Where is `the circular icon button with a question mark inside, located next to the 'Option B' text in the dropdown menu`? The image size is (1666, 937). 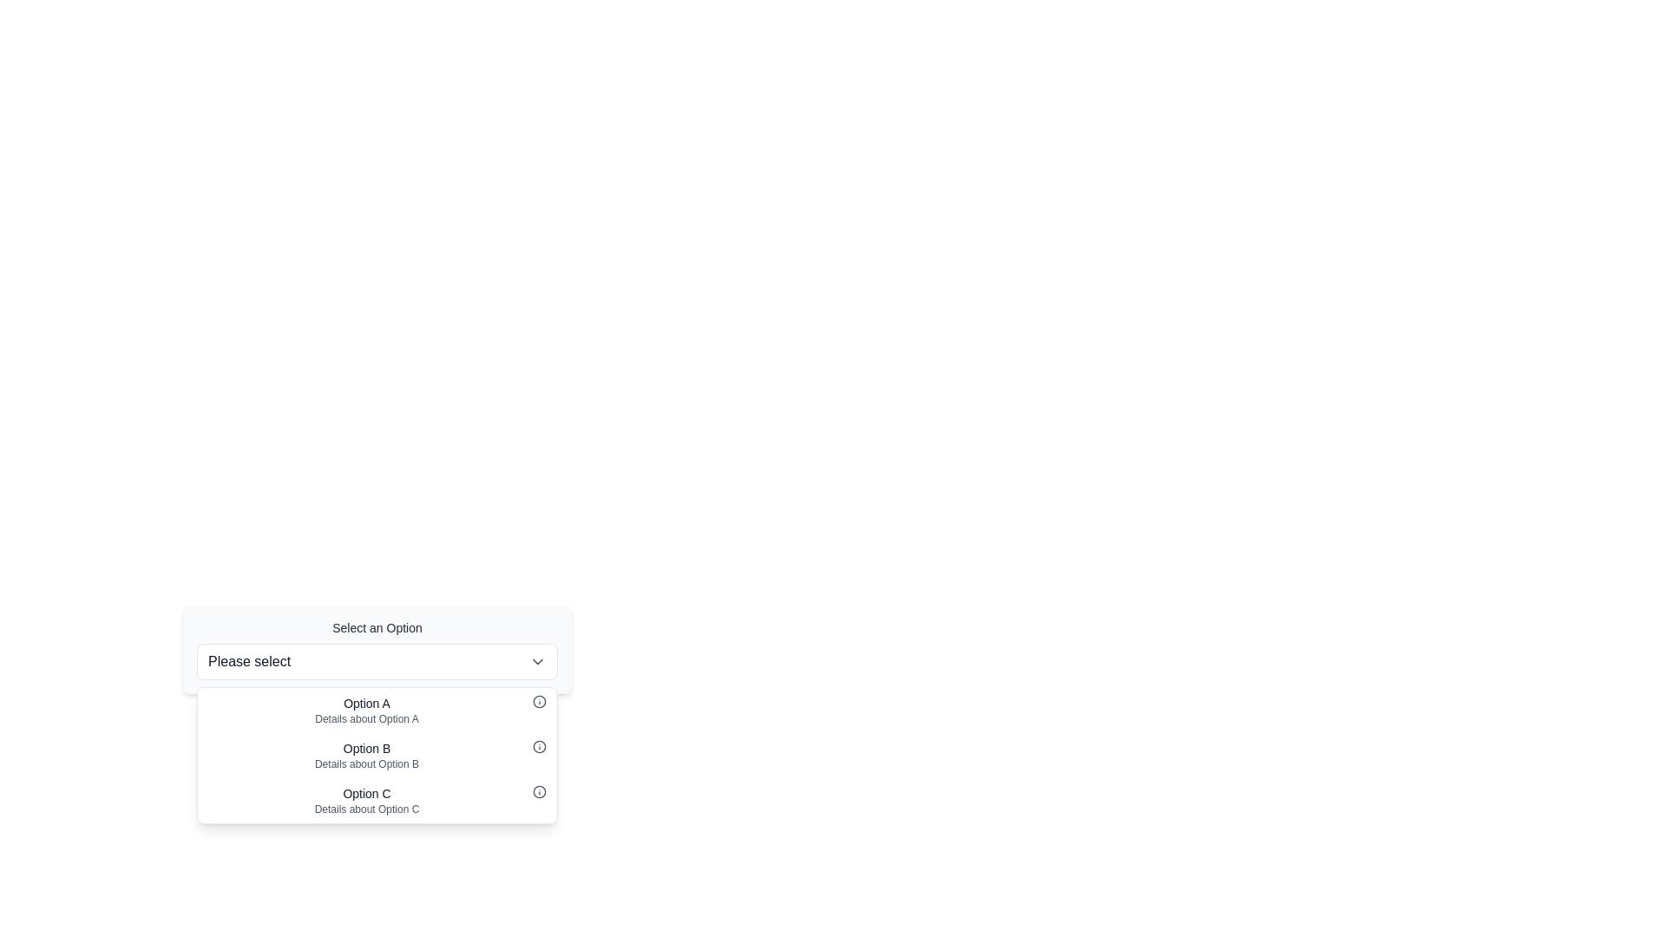 the circular icon button with a question mark inside, located next to the 'Option B' text in the dropdown menu is located at coordinates (539, 745).